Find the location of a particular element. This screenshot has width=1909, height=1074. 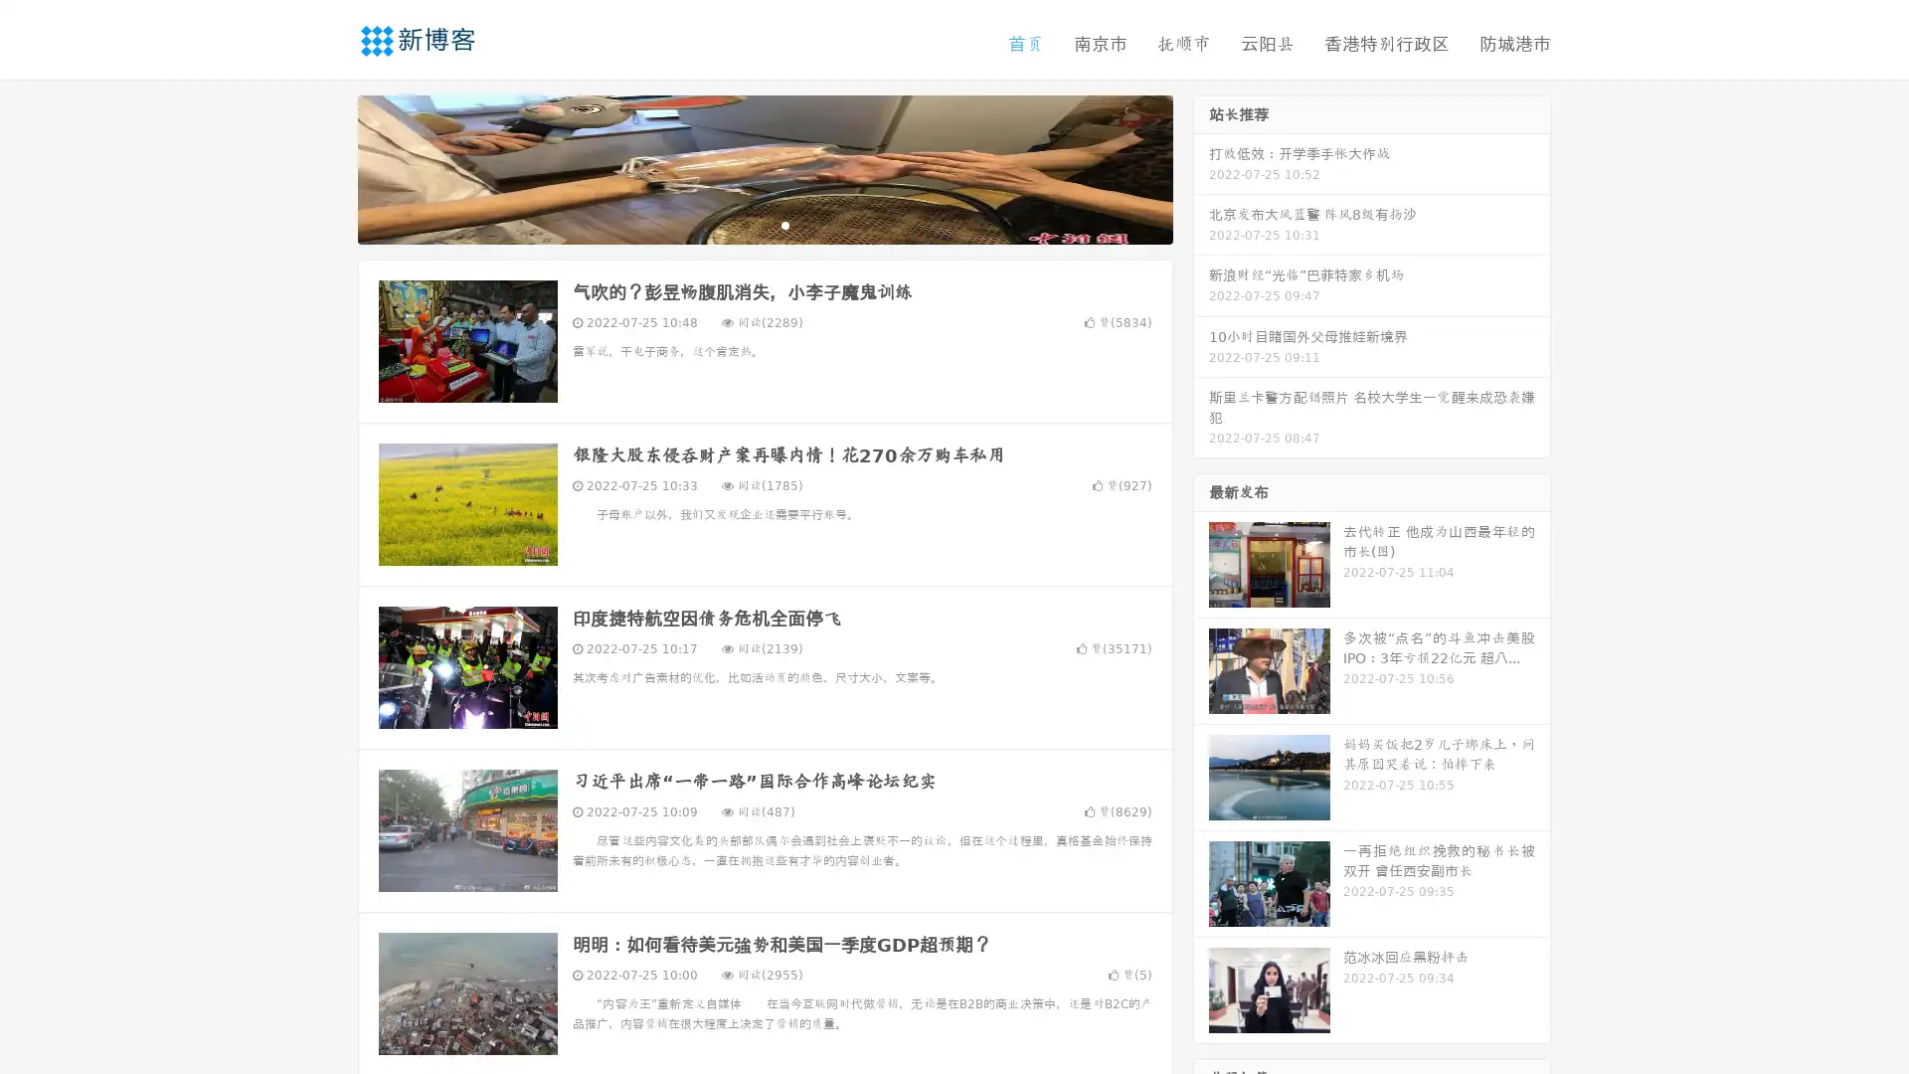

Next slide is located at coordinates (1201, 167).